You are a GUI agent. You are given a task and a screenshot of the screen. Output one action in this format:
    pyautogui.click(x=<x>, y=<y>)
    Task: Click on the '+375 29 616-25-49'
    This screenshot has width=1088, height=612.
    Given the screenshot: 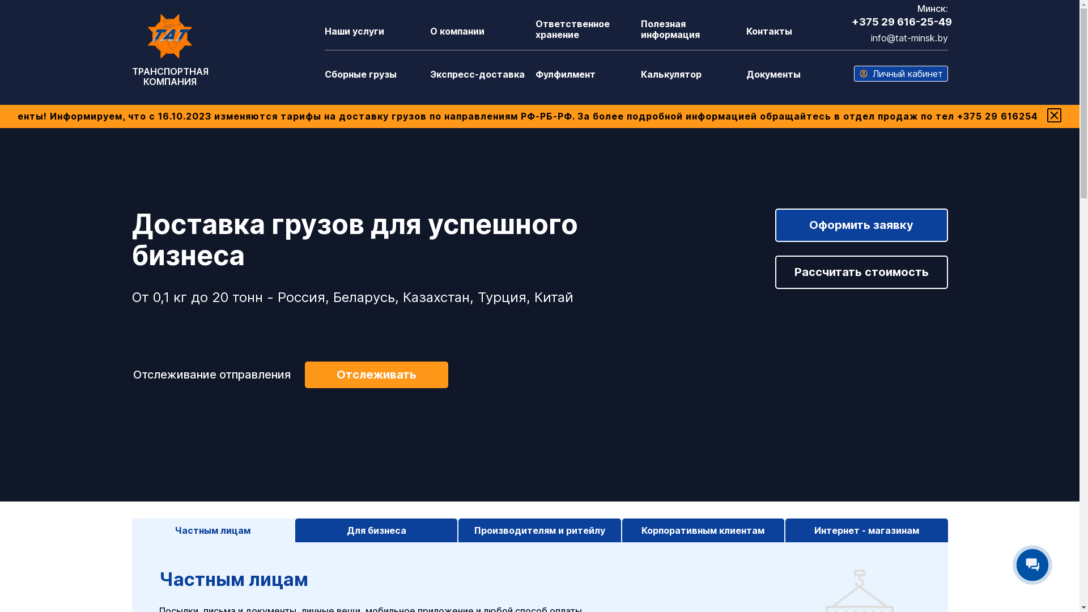 What is the action you would take?
    pyautogui.click(x=851, y=22)
    